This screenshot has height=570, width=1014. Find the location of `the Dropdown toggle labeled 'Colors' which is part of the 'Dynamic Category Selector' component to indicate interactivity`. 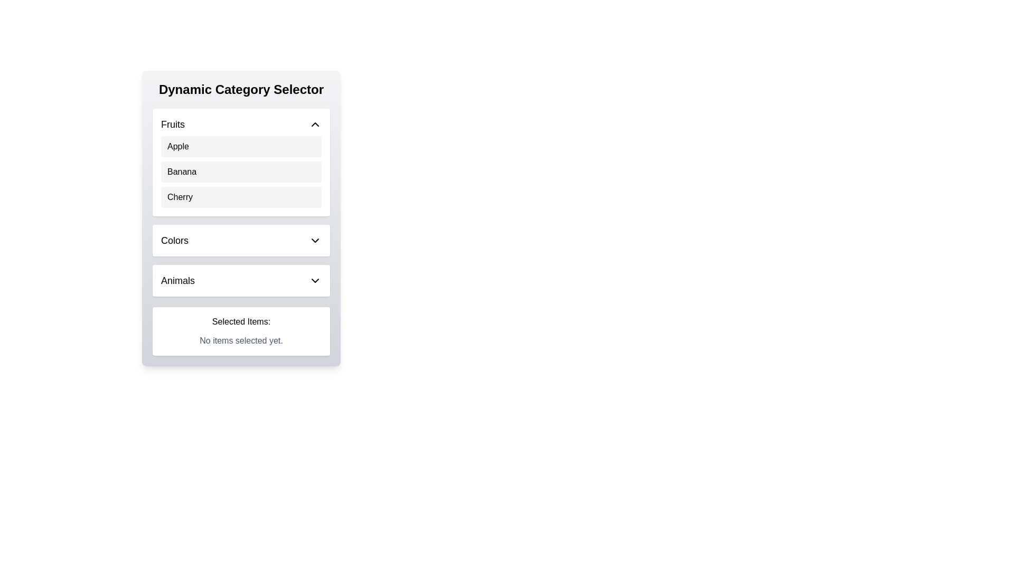

the Dropdown toggle labeled 'Colors' which is part of the 'Dynamic Category Selector' component to indicate interactivity is located at coordinates (240, 240).